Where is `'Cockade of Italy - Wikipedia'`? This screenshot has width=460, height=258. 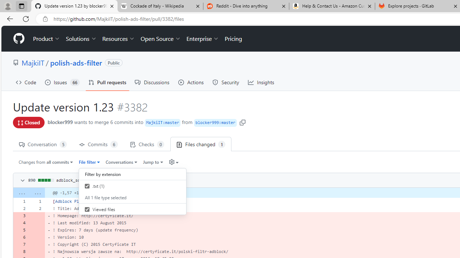
'Cockade of Italy - Wikipedia' is located at coordinates (160, 6).